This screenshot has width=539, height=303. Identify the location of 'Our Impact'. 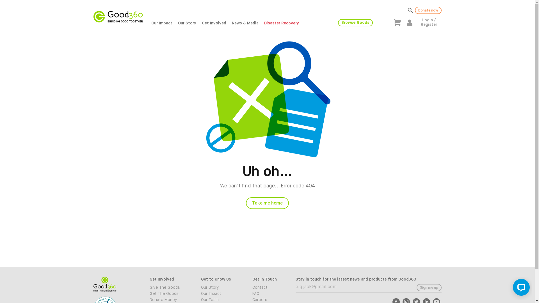
(222, 293).